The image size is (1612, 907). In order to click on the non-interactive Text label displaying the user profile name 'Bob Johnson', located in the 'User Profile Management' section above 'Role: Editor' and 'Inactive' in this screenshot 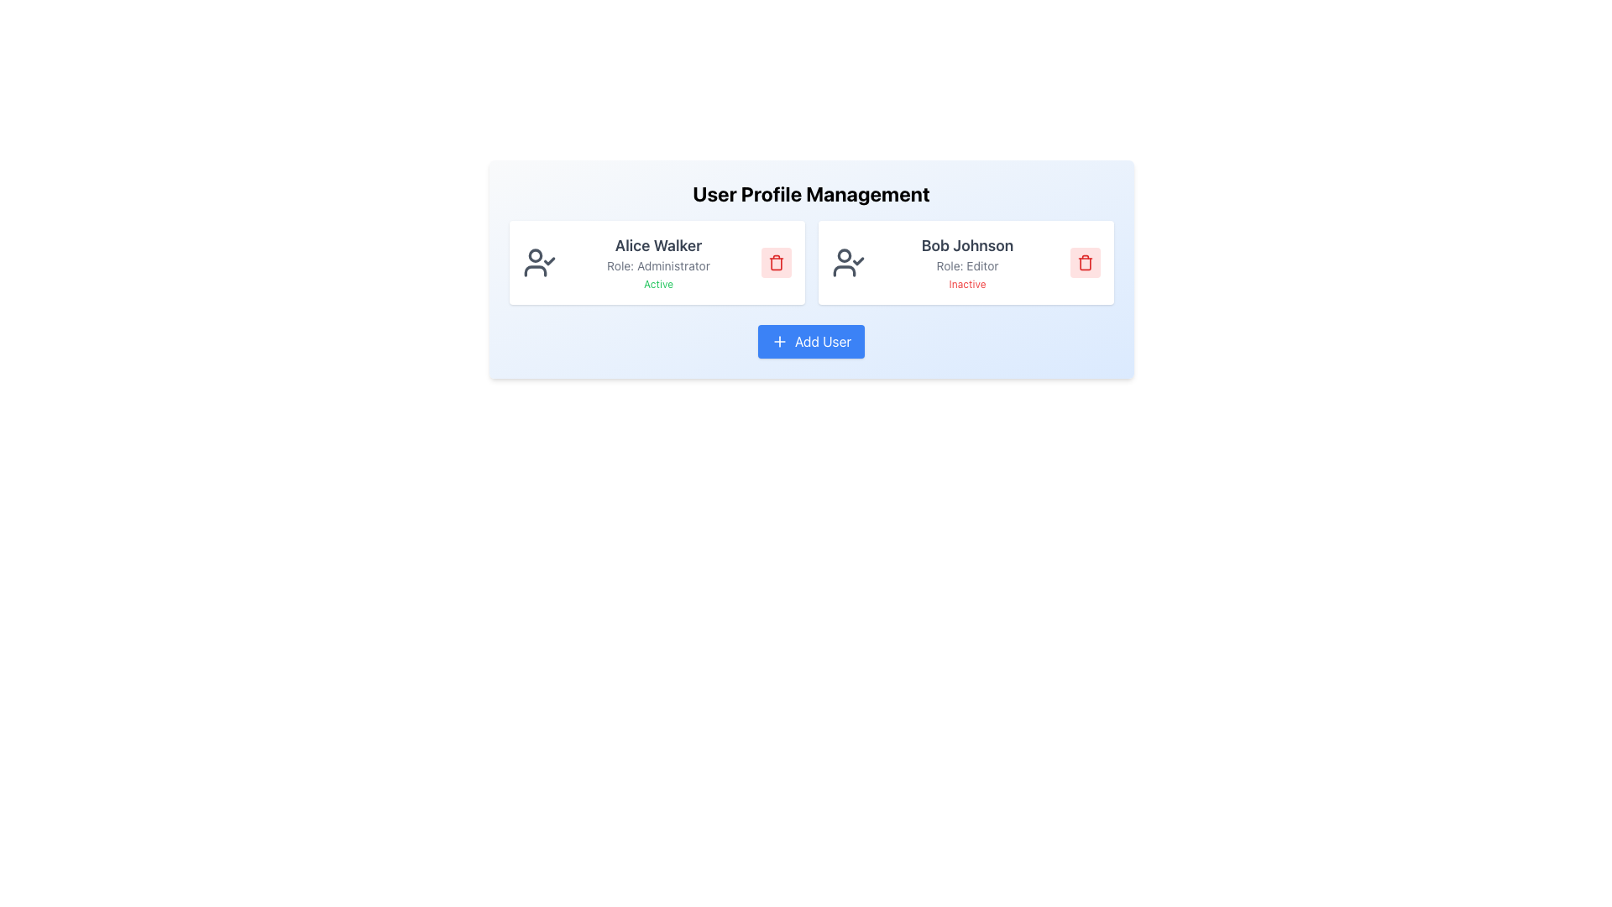, I will do `click(967, 246)`.